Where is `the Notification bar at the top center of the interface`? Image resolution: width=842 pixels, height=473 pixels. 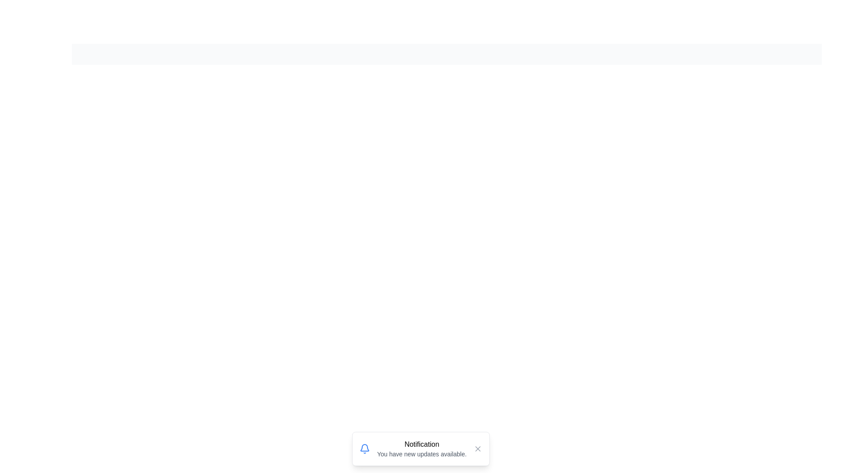 the Notification bar at the top center of the interface is located at coordinates (446, 54).